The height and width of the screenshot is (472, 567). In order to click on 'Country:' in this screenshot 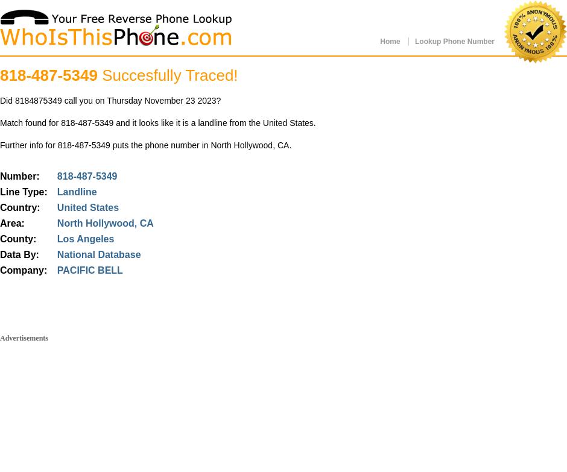, I will do `click(19, 207)`.